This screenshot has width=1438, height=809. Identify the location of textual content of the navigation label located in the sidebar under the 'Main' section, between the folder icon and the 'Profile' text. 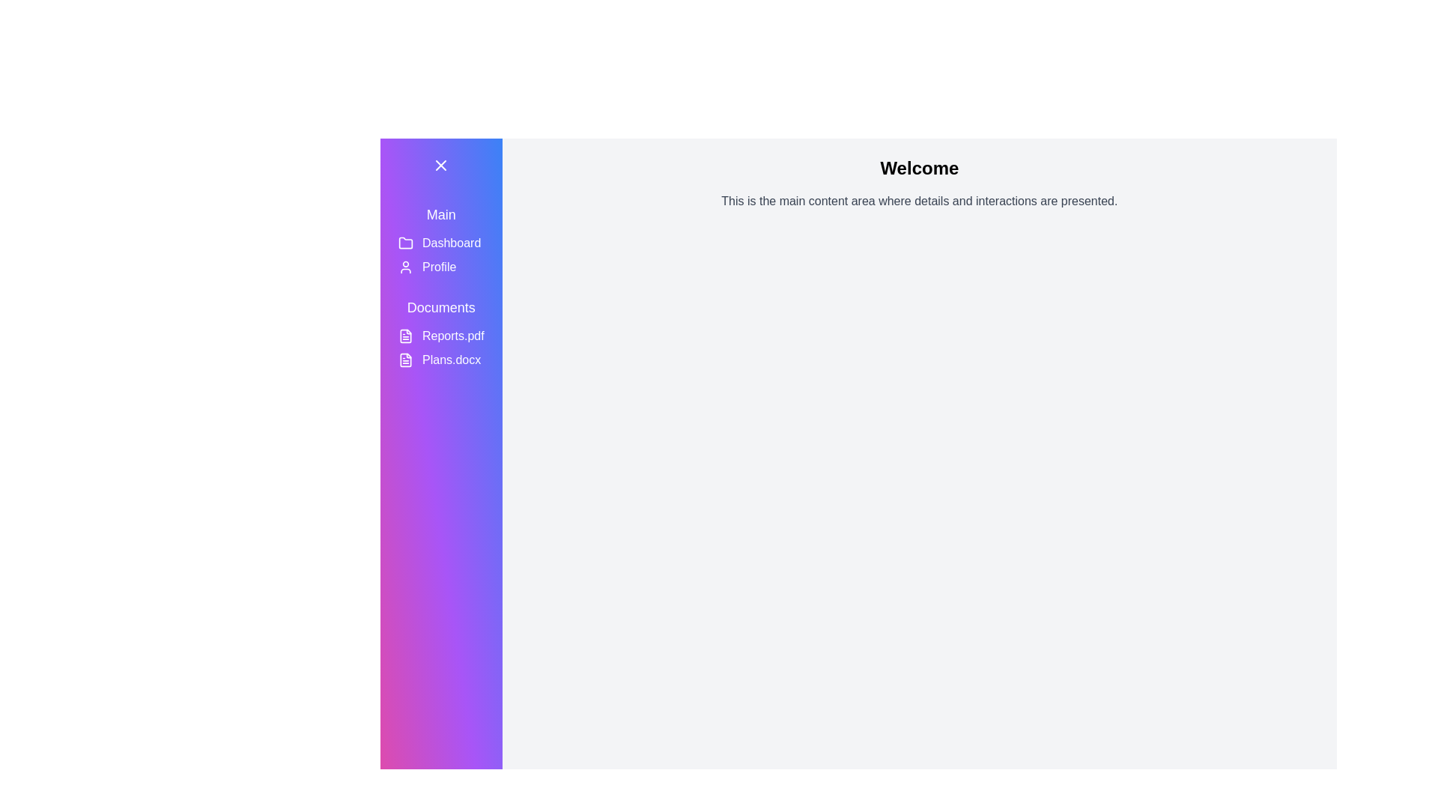
(451, 242).